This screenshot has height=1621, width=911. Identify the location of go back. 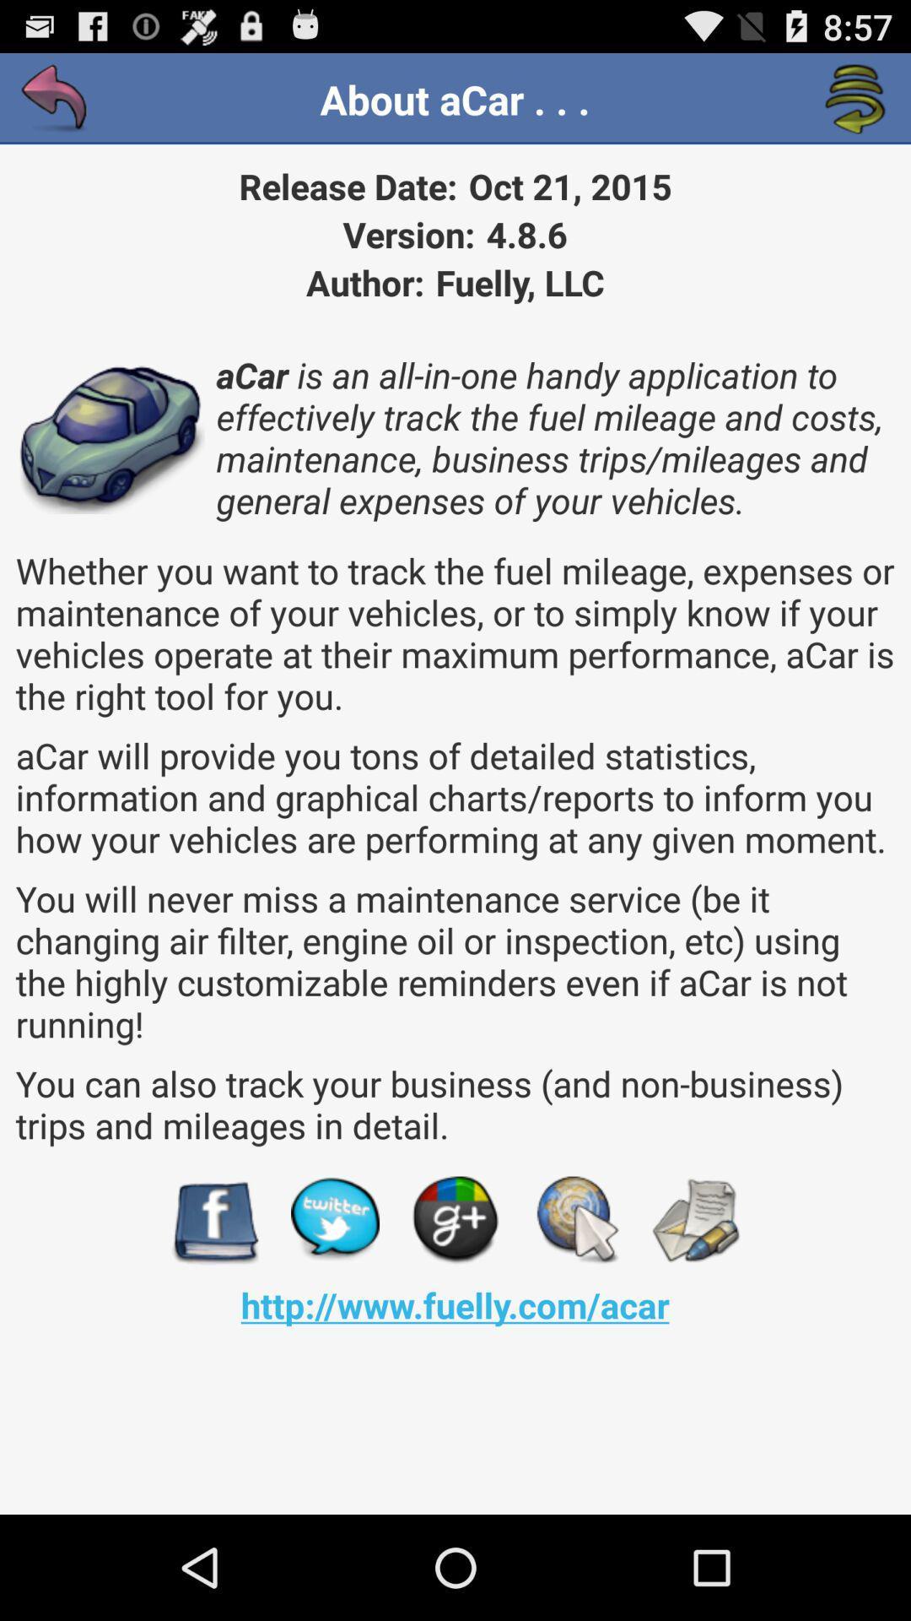
(54, 99).